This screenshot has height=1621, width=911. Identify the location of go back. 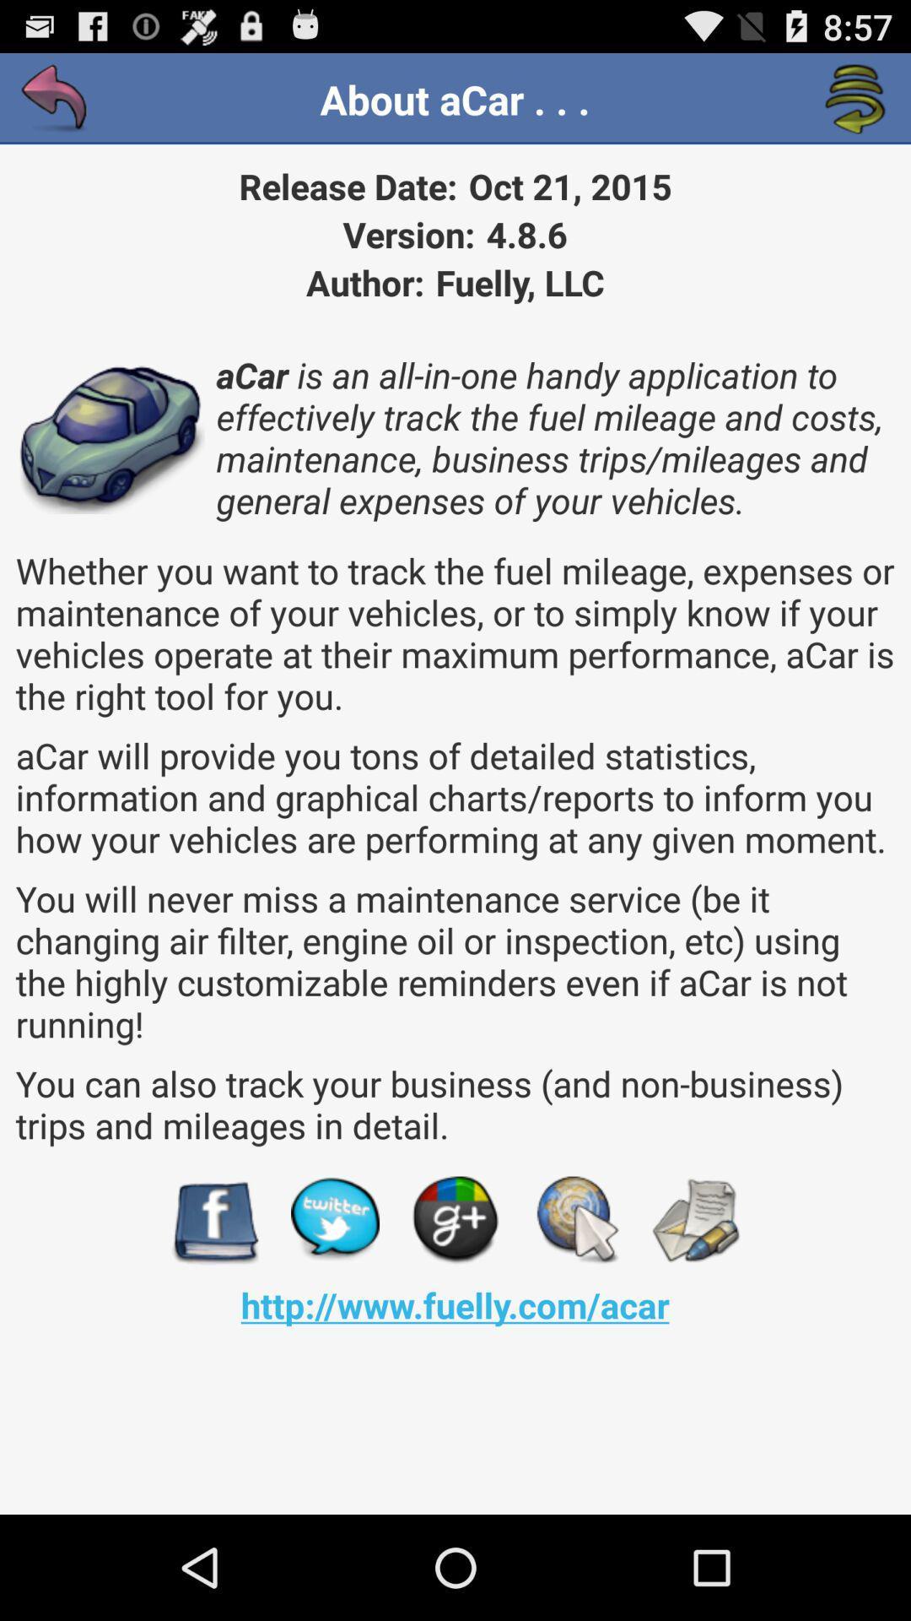
(54, 99).